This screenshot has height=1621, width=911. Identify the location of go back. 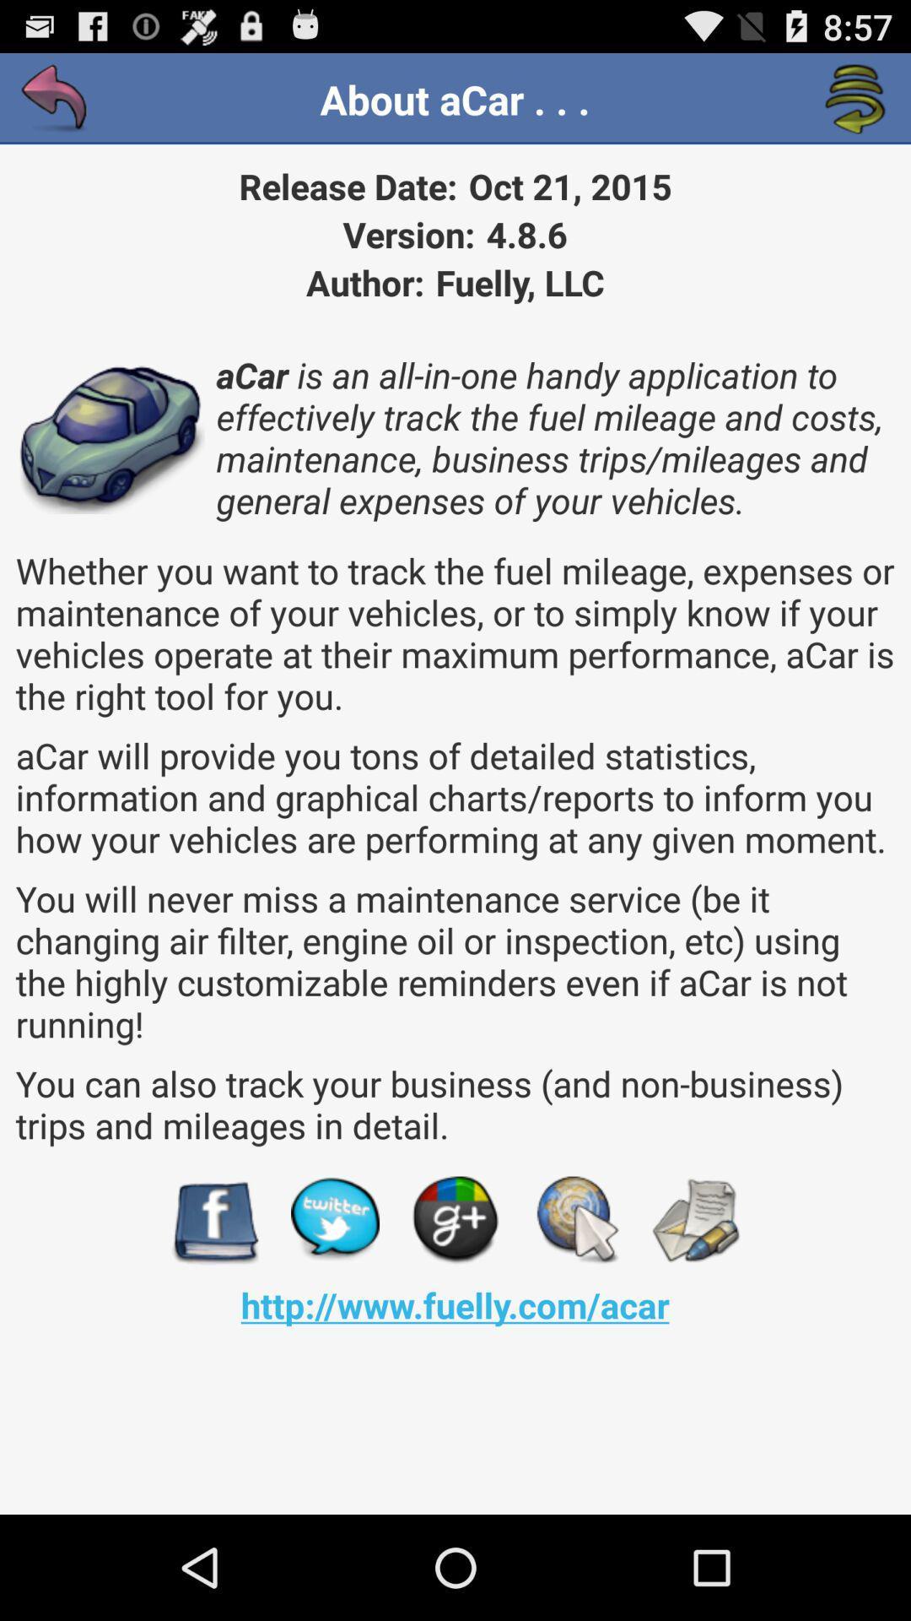
(54, 99).